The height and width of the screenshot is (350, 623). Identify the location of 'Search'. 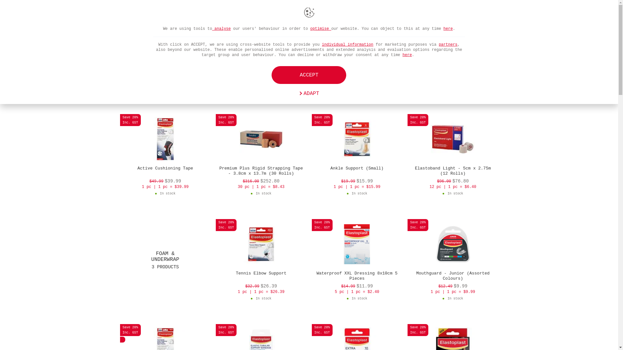
(439, 14).